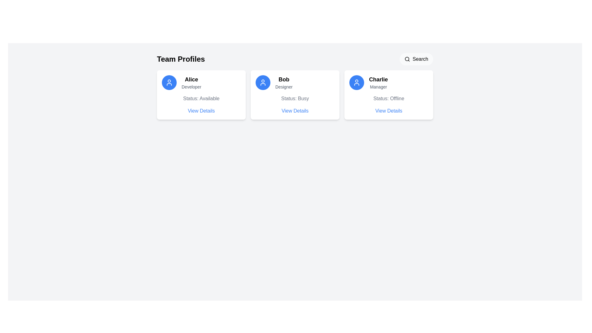 The height and width of the screenshot is (333, 592). Describe the element at coordinates (263, 82) in the screenshot. I see `the user profile icon representing 'Bob', which is centrally placed within the blue circular background of the second user profile card` at that location.